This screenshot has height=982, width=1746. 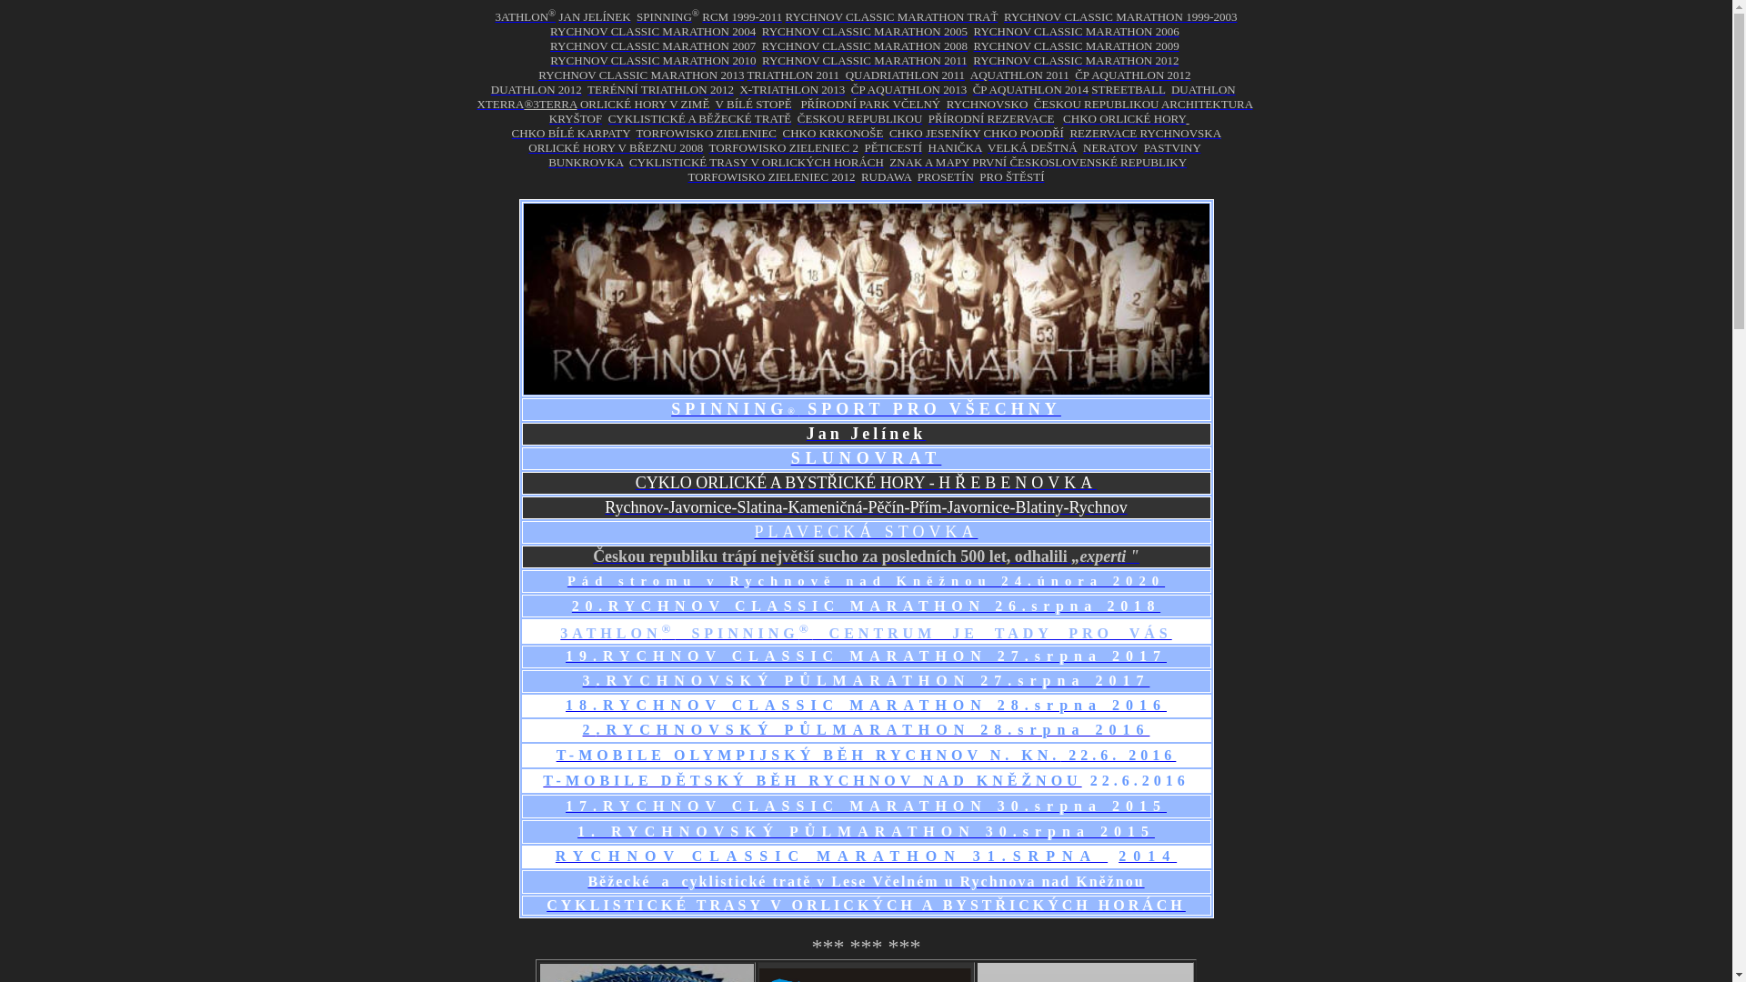 What do you see at coordinates (859, 176) in the screenshot?
I see `'RUDAWA'` at bounding box center [859, 176].